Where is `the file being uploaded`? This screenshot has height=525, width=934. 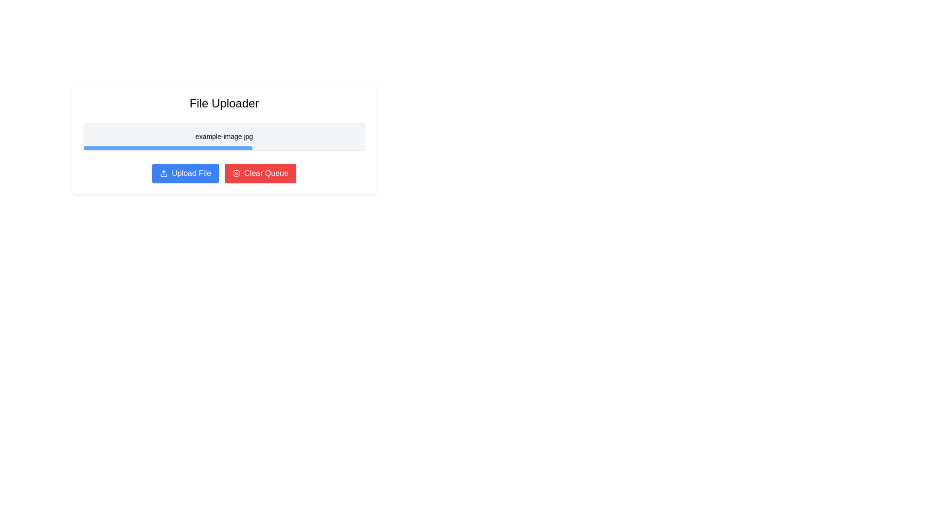
the file being uploaded is located at coordinates (223, 139).